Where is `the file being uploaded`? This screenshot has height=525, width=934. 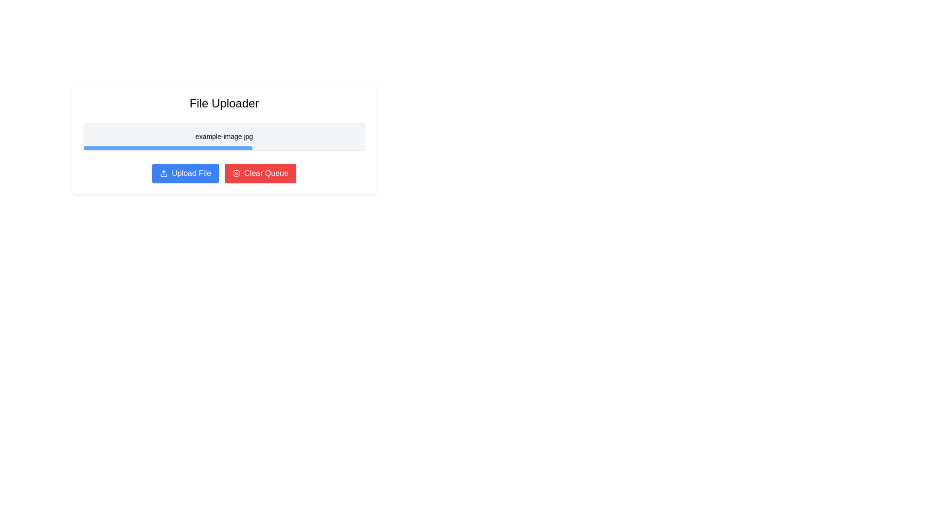
the file being uploaded is located at coordinates (223, 139).